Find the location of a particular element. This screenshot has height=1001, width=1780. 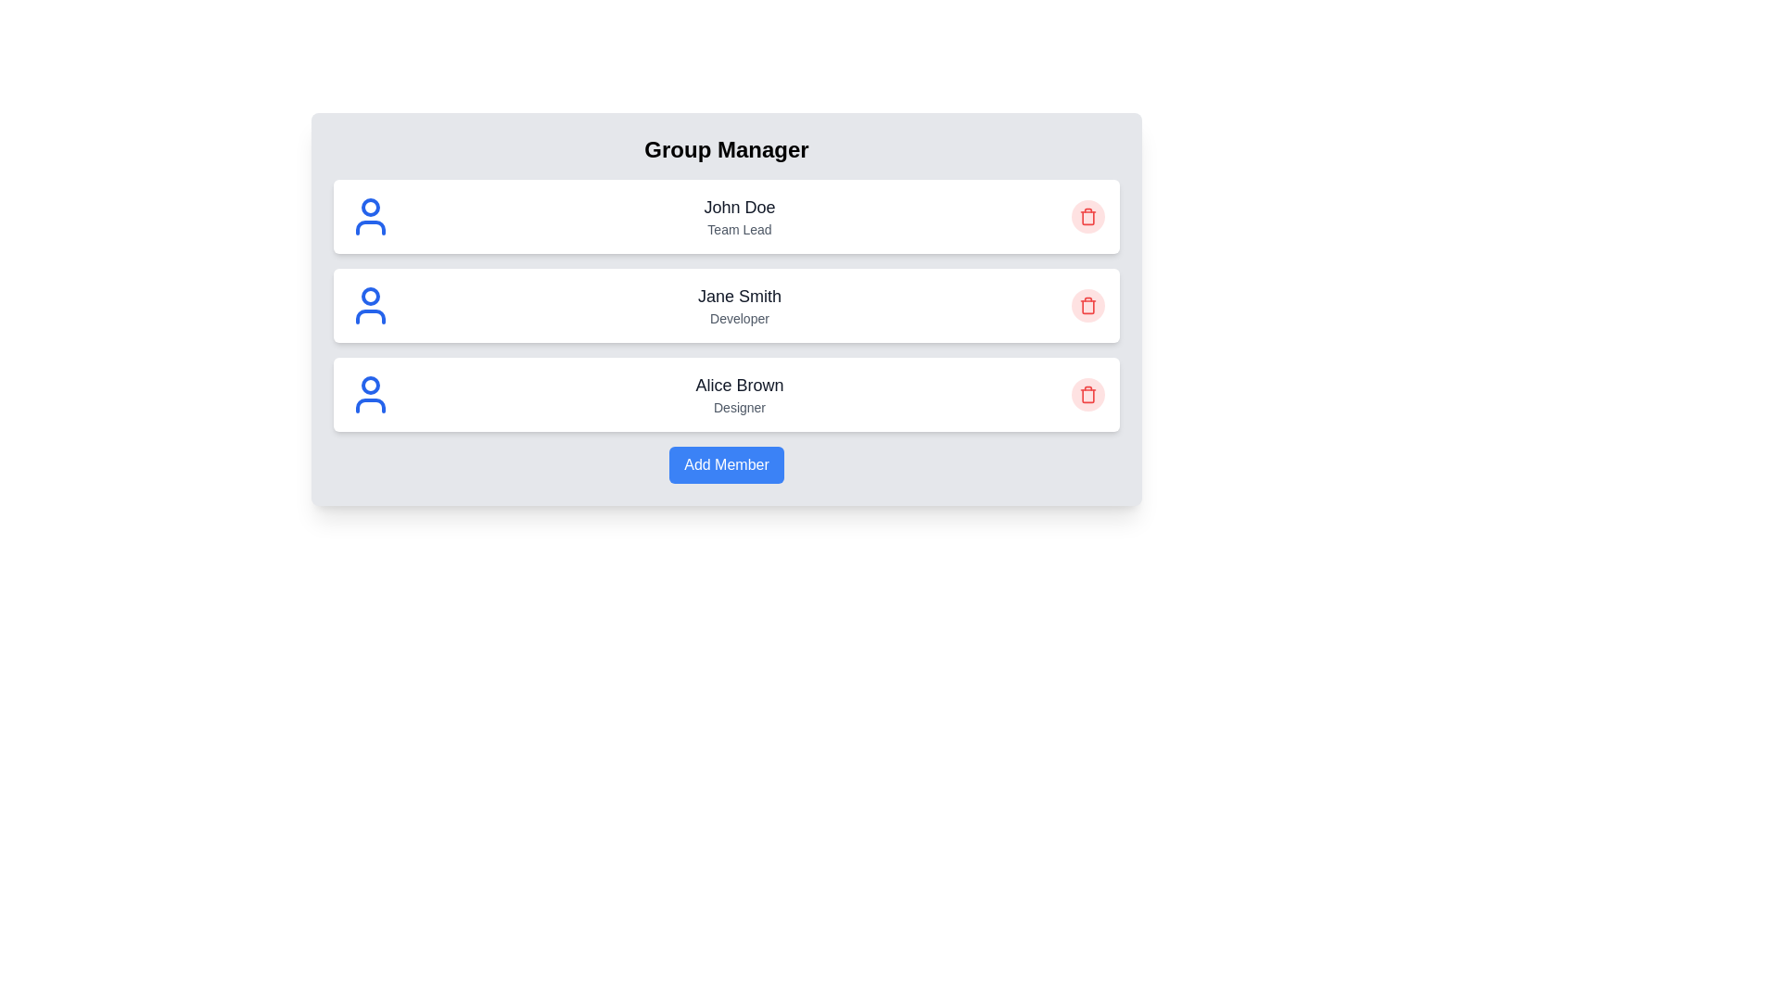

the delete icon button located in the top row of the list under 'Group Manager', aligned to the far right of the row containing 'John Doe - Team Lead' to initiate the delete action is located at coordinates (1088, 216).